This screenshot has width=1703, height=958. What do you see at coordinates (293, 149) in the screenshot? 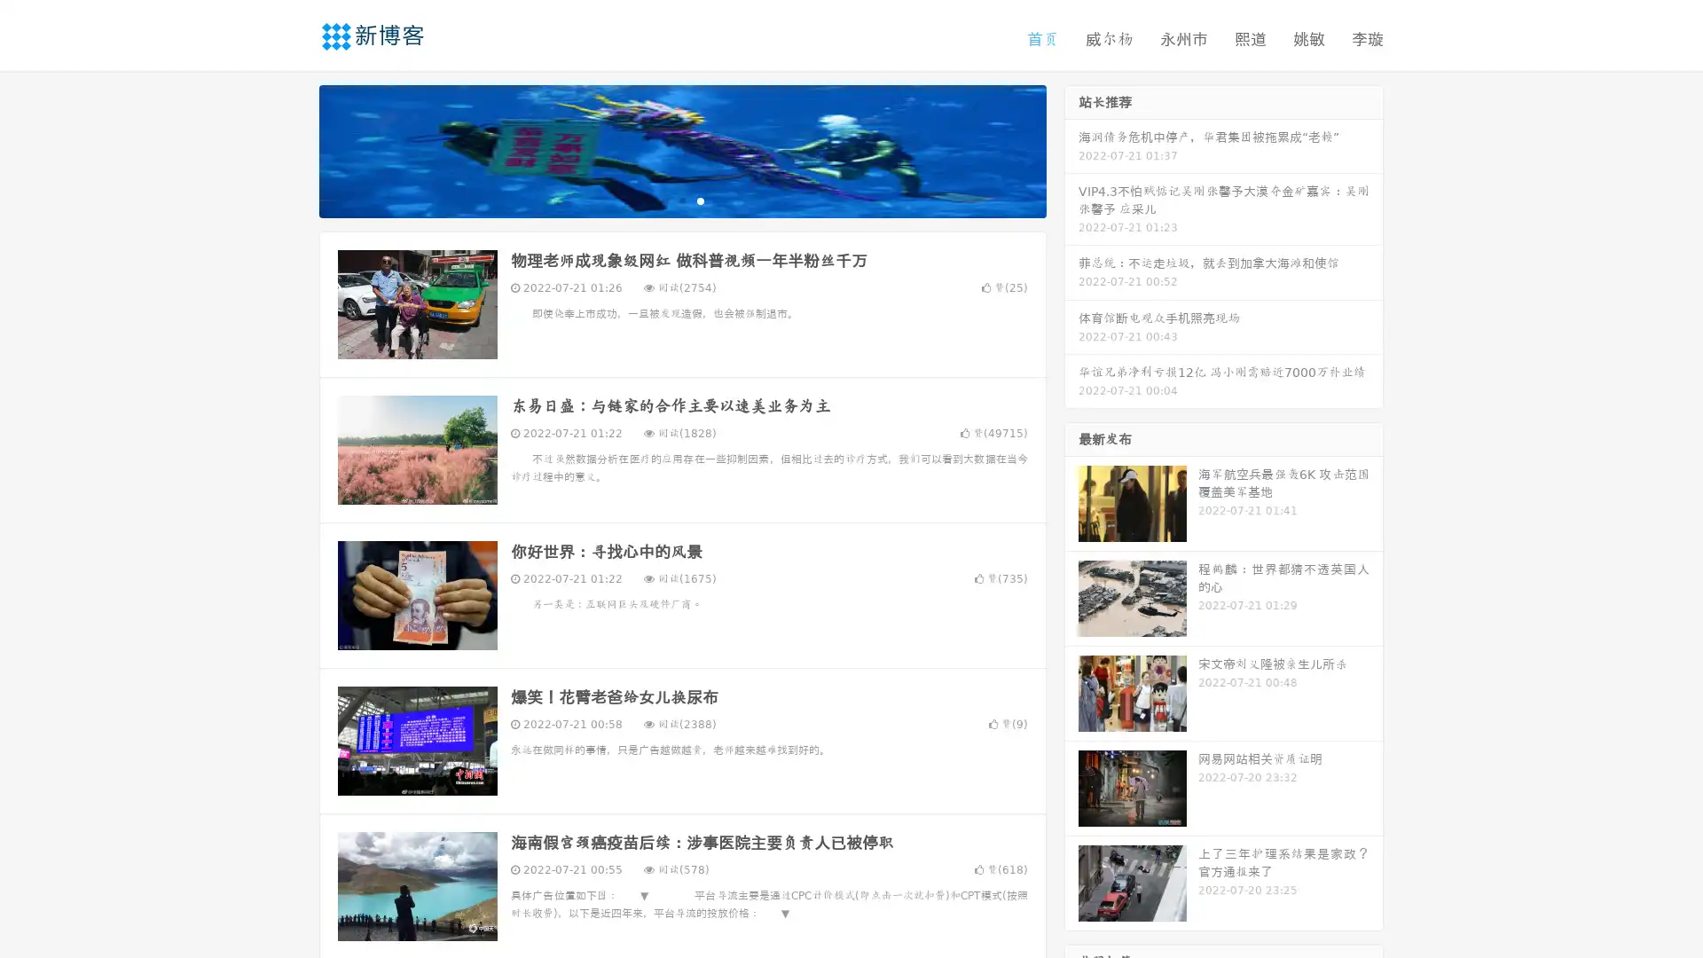
I see `Previous slide` at bounding box center [293, 149].